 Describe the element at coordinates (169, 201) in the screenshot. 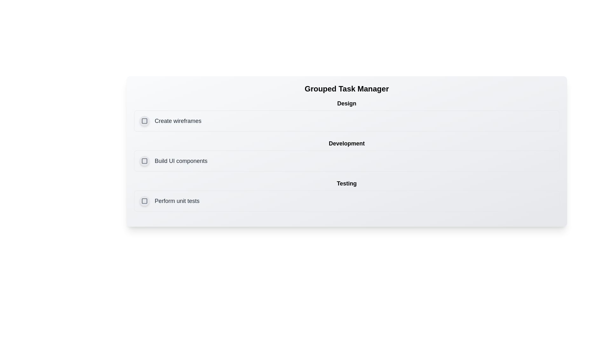

I see `the checkbox or descriptive text of the third task item under the 'Testing' category in the to-do list` at that location.